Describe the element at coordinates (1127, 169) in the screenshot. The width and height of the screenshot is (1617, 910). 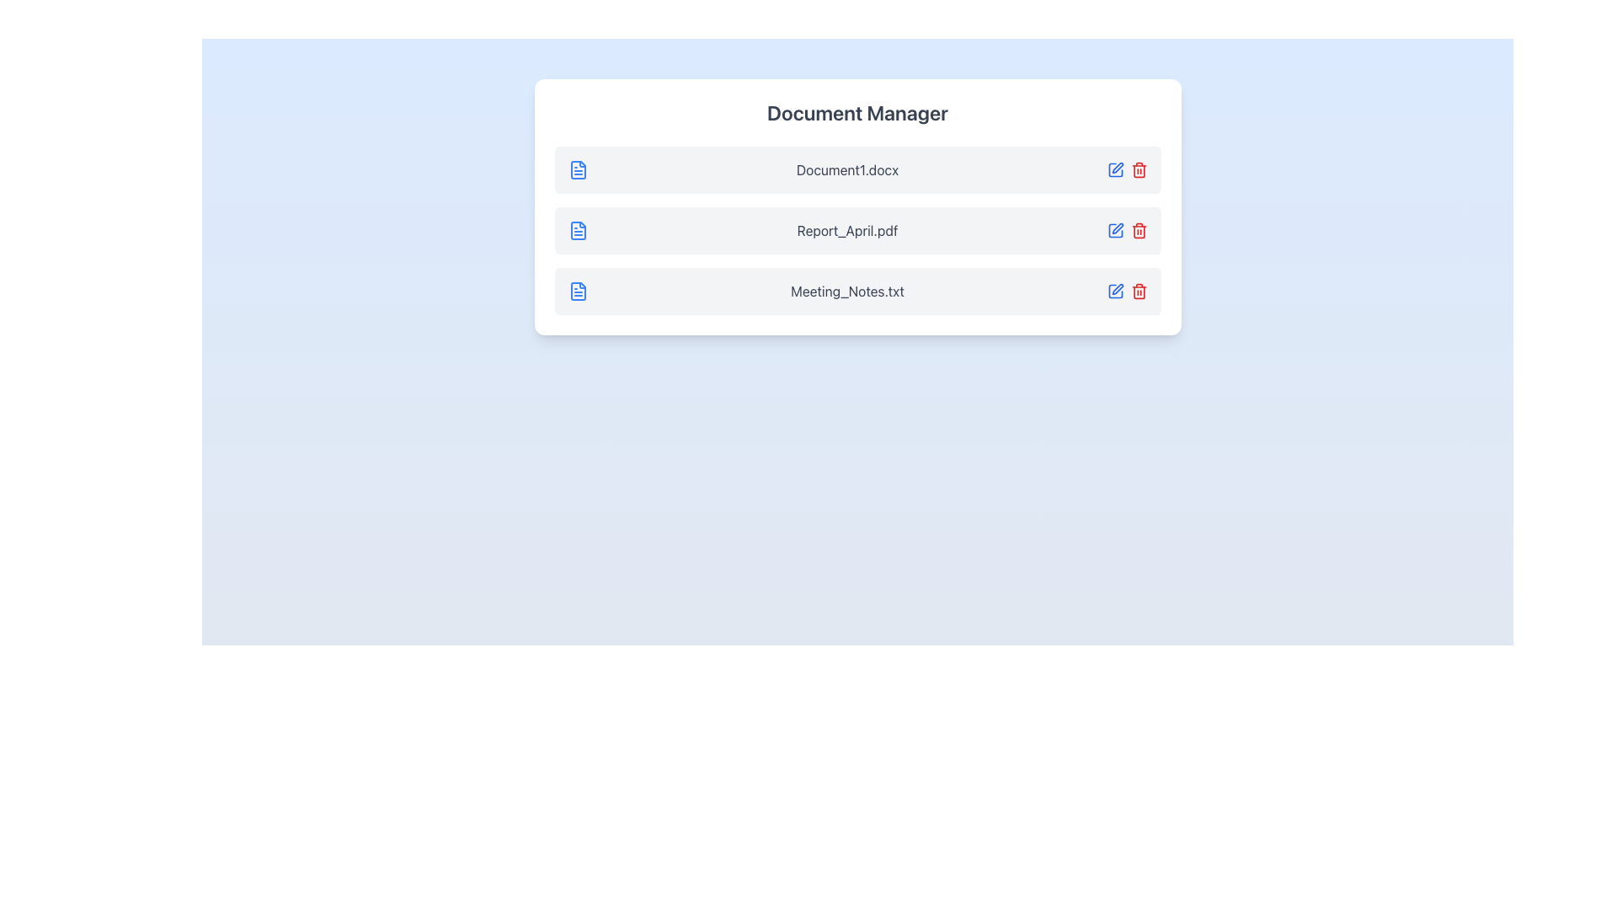
I see `the red trash can icon located at the rightmost end of the row displaying 'Document1.docx' in the Document Manager section` at that location.